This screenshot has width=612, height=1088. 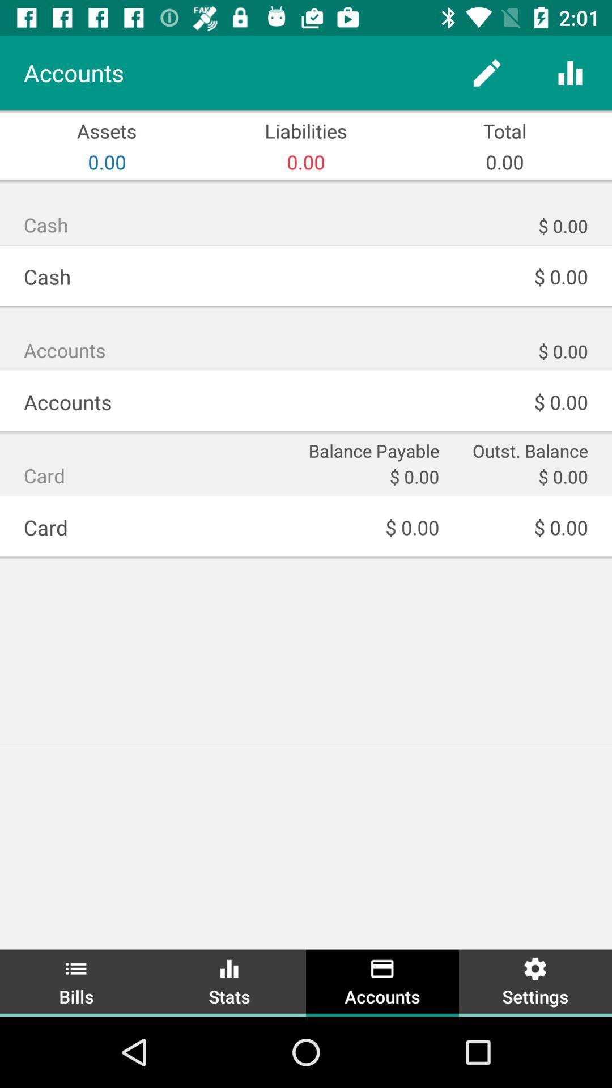 I want to click on the icon below card, so click(x=76, y=981).